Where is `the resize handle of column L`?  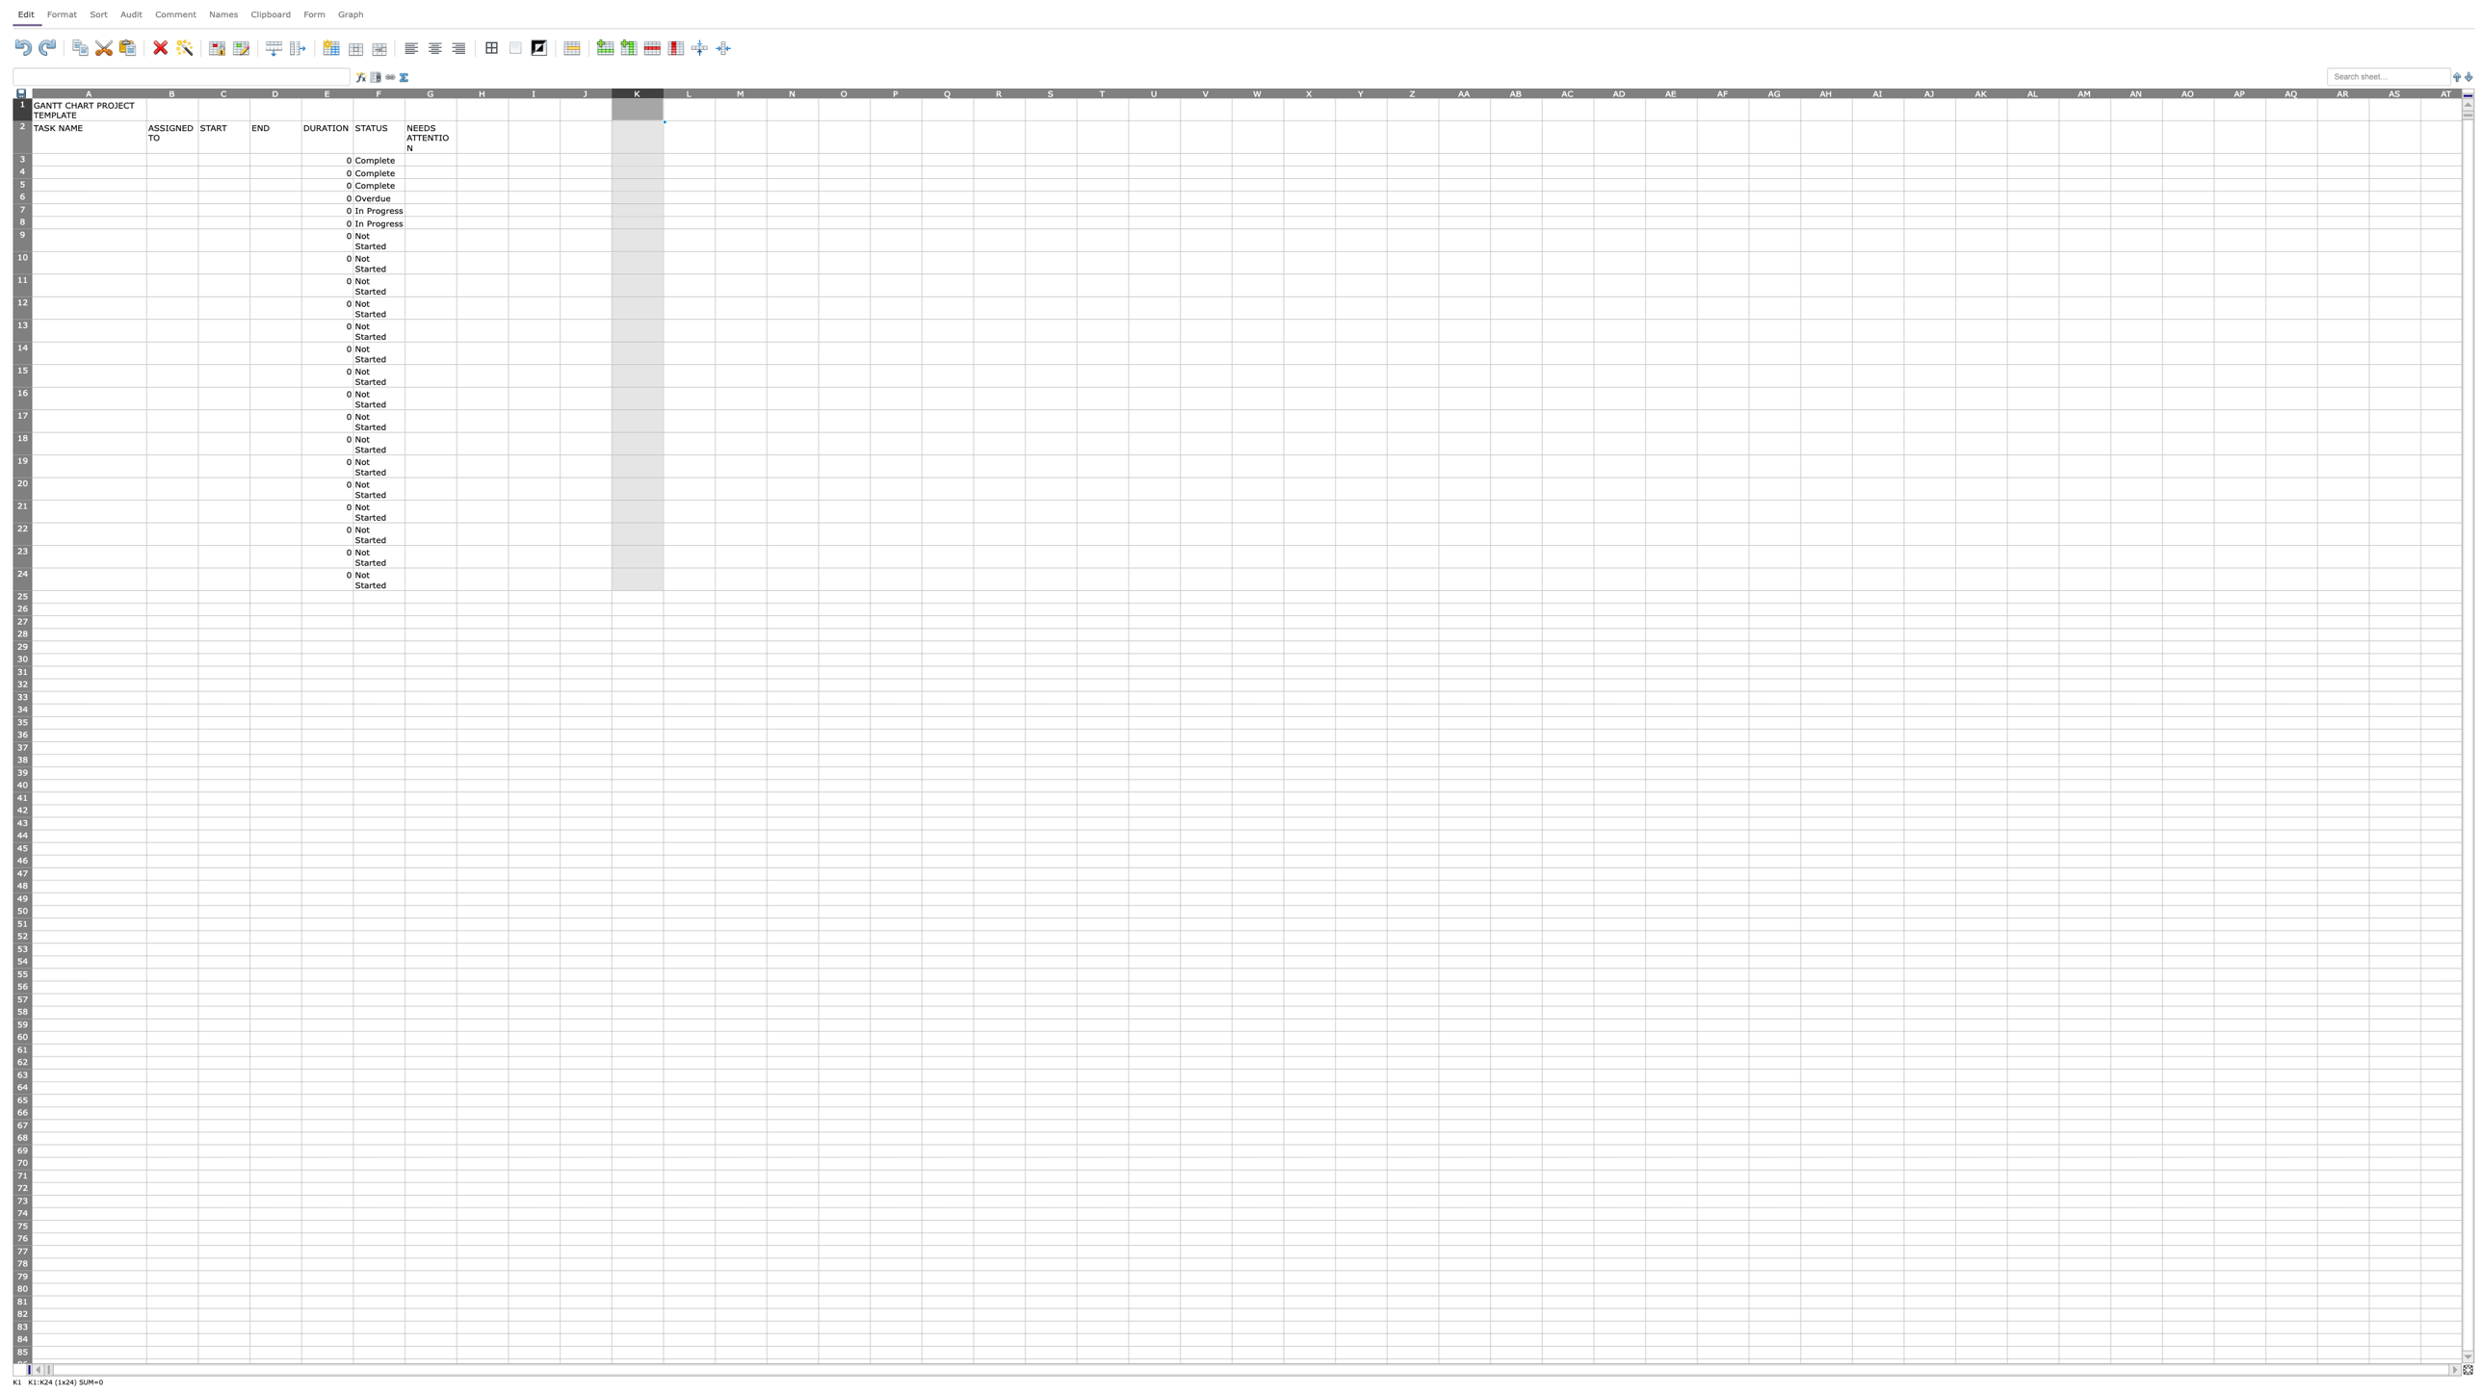 the resize handle of column L is located at coordinates (714, 91).